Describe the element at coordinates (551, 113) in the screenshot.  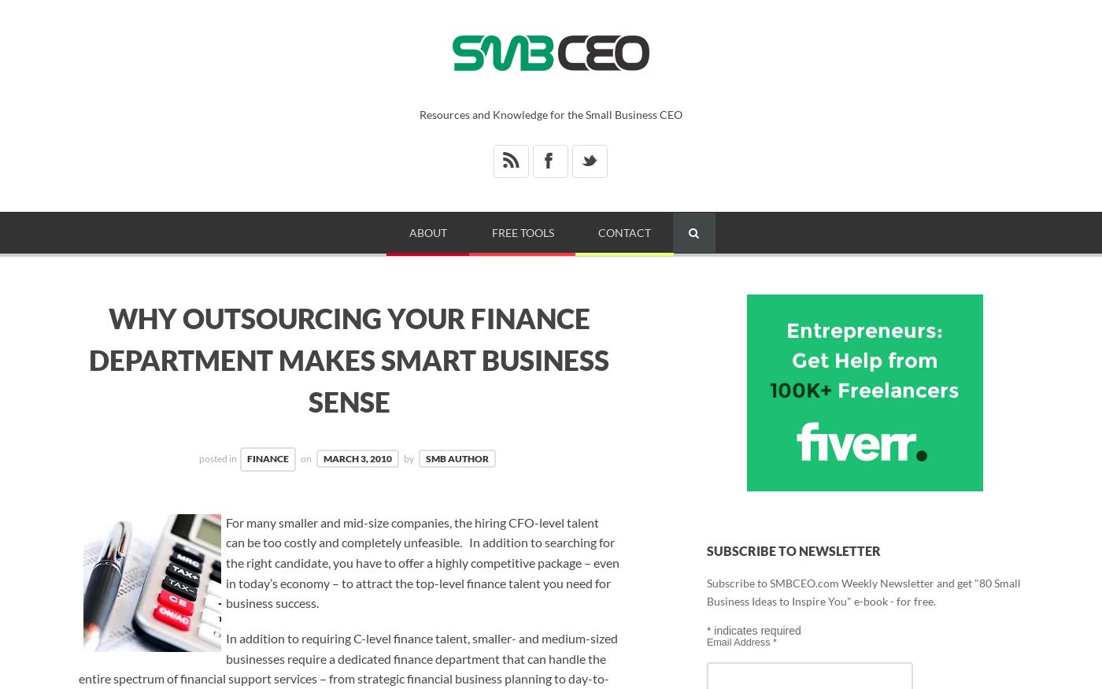
I see `'Resources and Knowledge for the Small Business CEO'` at that location.